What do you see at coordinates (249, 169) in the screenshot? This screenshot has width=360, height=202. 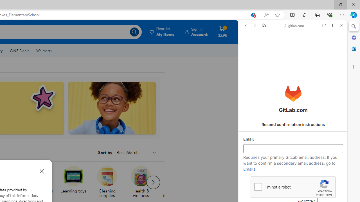 I see `'Emails'` at bounding box center [249, 169].